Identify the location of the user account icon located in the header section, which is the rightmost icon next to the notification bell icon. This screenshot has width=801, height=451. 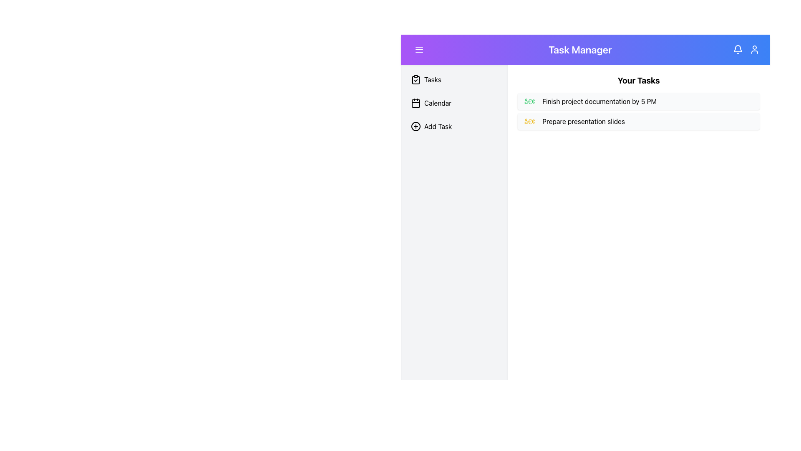
(755, 50).